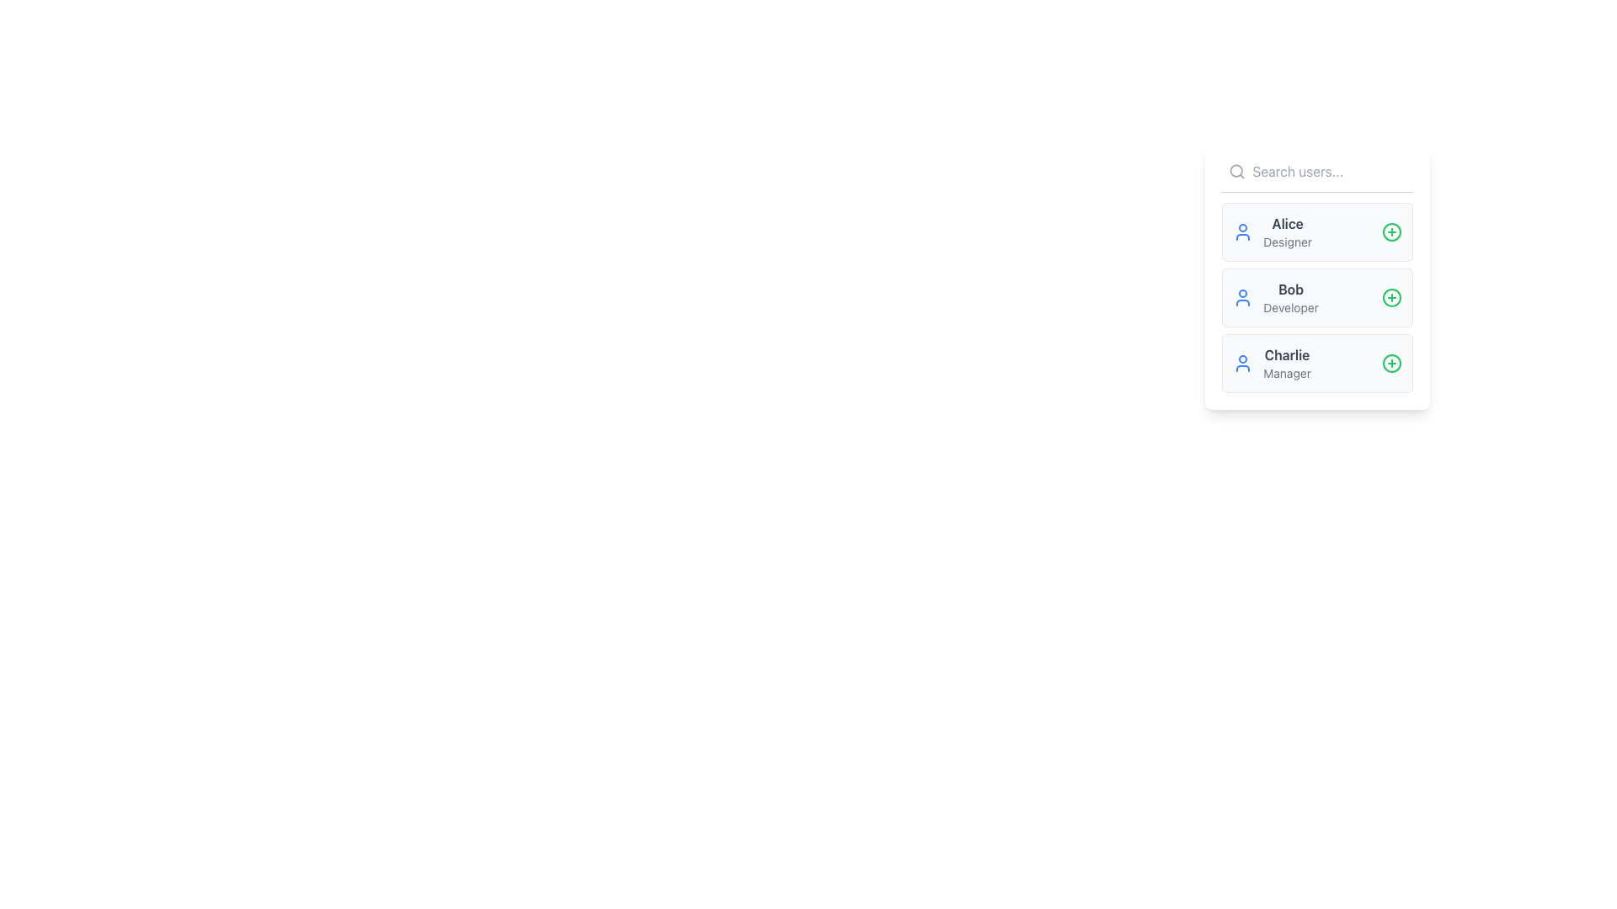 The height and width of the screenshot is (909, 1617). I want to click on the text label displaying the user's role 'Designer' located below the name 'Alice' in the user card, so click(1287, 242).